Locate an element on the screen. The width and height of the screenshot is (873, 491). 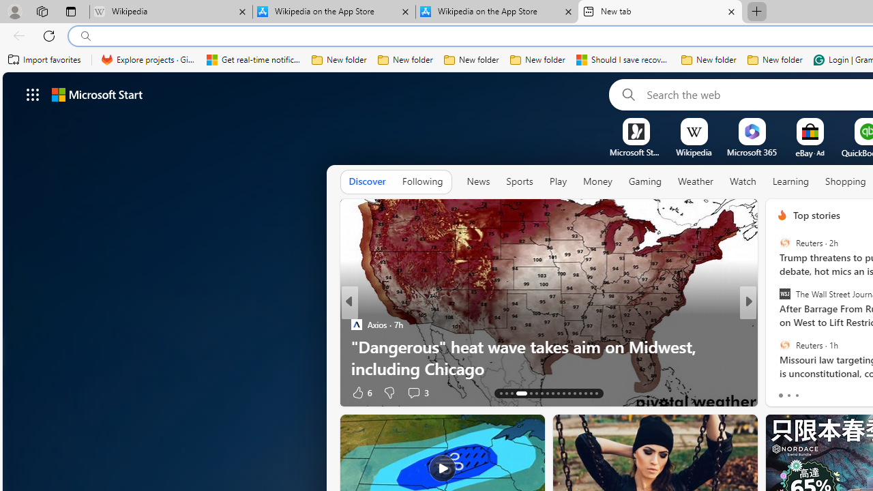
'149 Like' is located at coordinates (786, 392).